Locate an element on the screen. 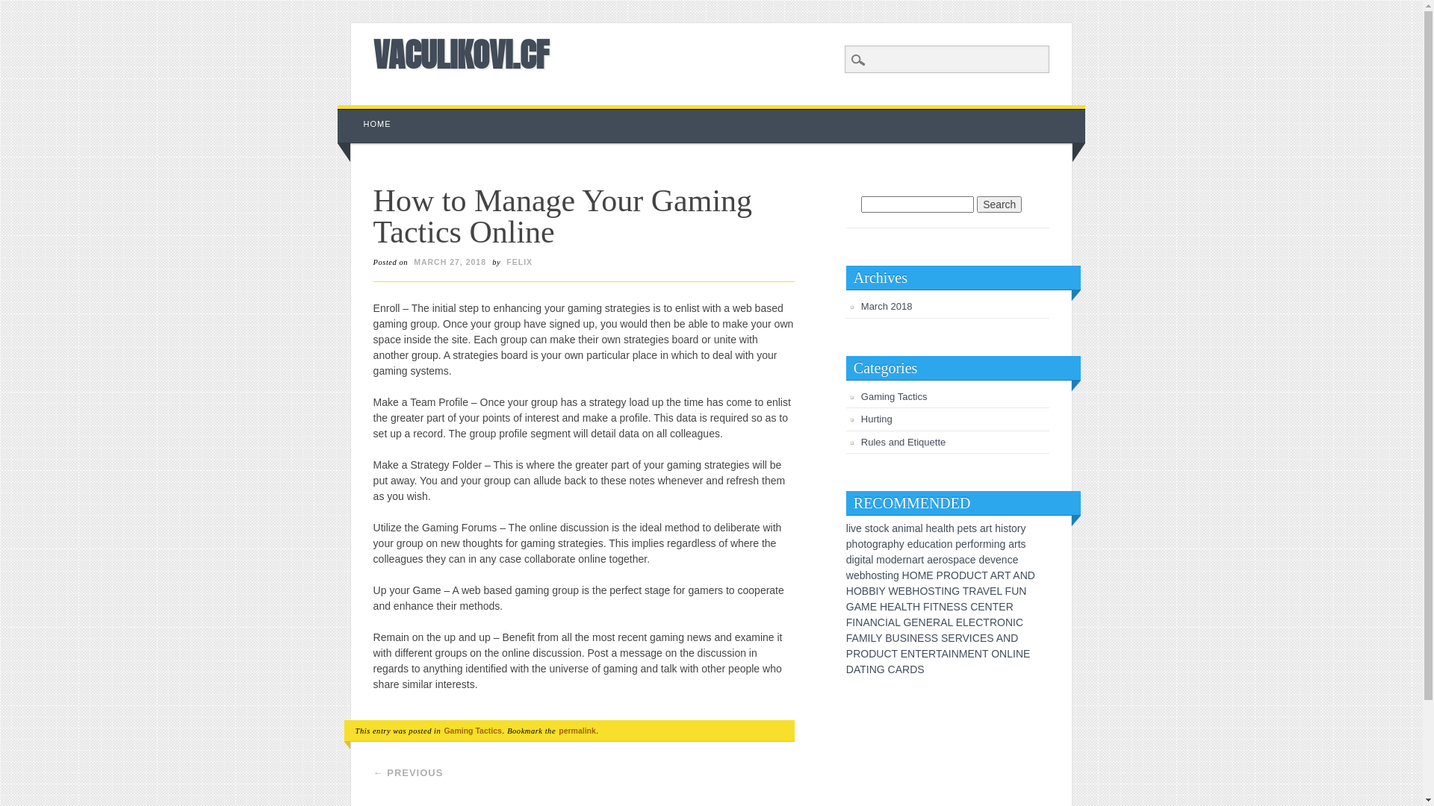 The height and width of the screenshot is (806, 1434). 'h' is located at coordinates (855, 544).